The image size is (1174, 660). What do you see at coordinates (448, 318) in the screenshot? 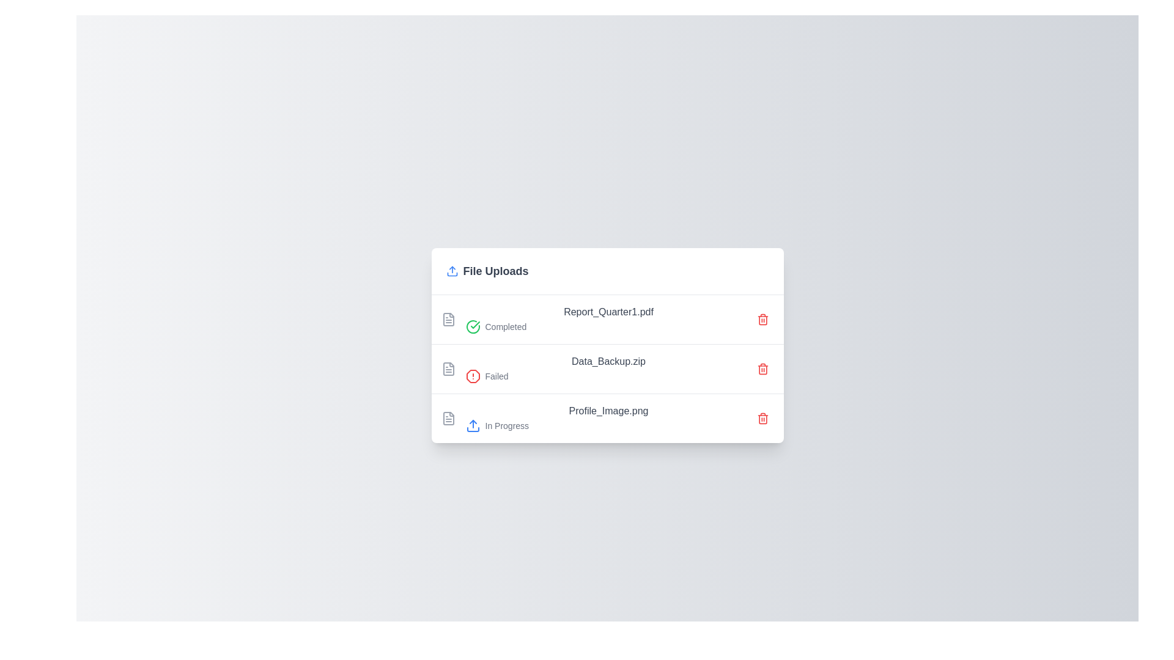
I see `the document file outline icon styled in gray, located to the left of 'Report_Quarter1.pdf' in the file list interface` at bounding box center [448, 318].